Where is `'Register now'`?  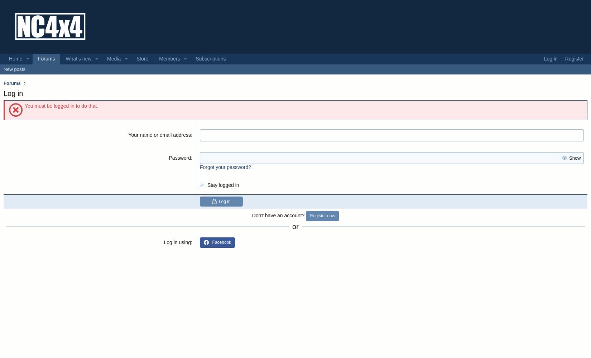 'Register now' is located at coordinates (322, 216).